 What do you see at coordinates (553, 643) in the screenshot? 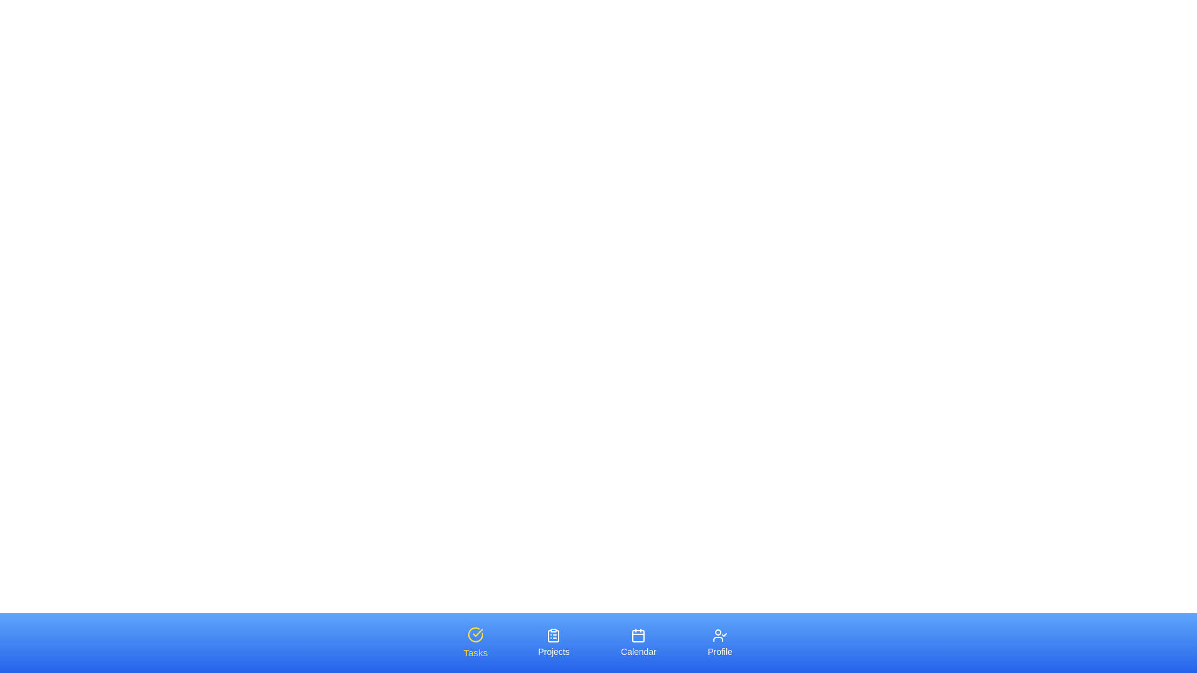
I see `the Projects tab by clicking on it` at bounding box center [553, 643].